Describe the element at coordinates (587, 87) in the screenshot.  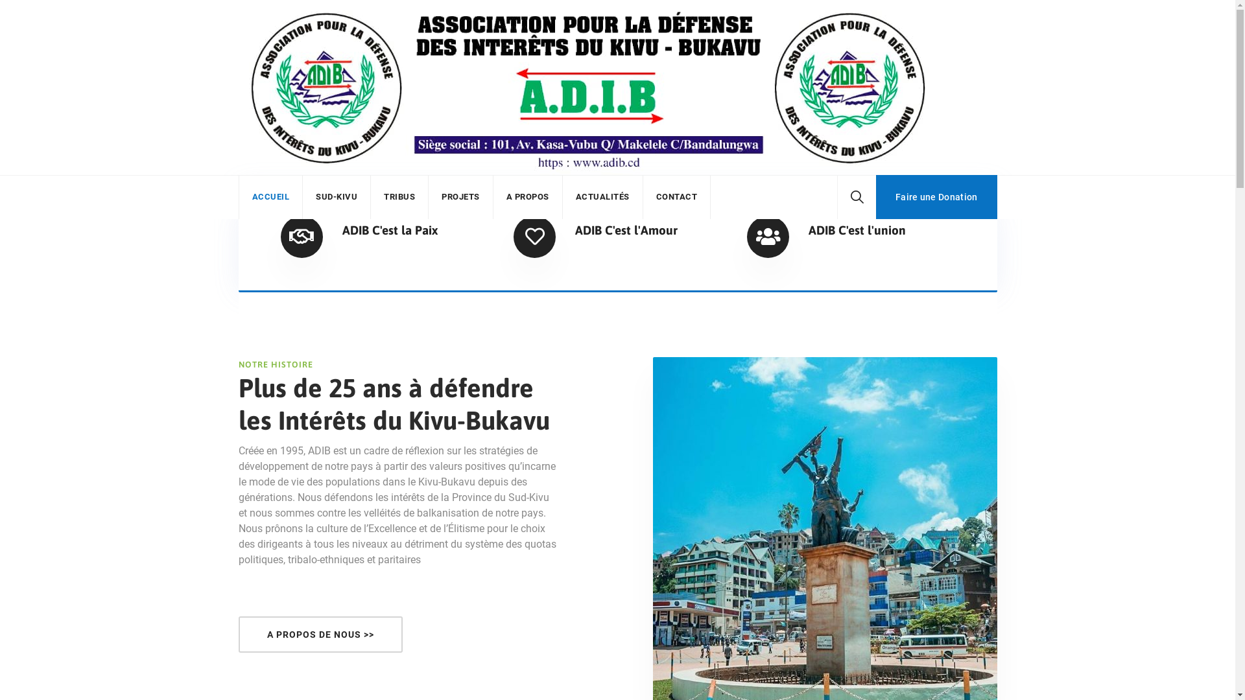
I see `'ADIB'` at that location.